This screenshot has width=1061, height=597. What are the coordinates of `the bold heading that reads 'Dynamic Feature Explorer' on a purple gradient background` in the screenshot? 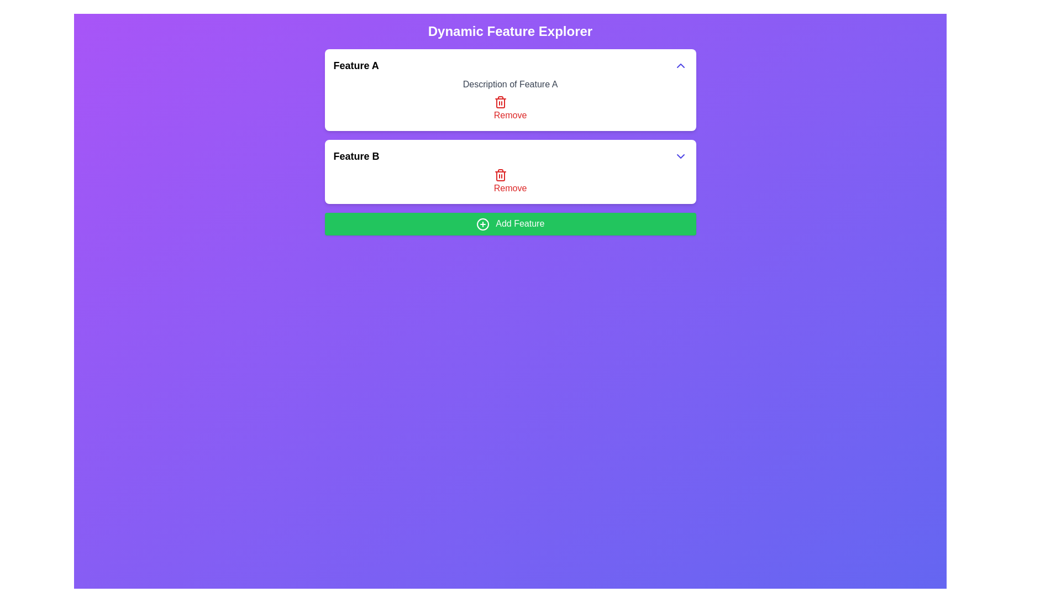 It's located at (510, 31).